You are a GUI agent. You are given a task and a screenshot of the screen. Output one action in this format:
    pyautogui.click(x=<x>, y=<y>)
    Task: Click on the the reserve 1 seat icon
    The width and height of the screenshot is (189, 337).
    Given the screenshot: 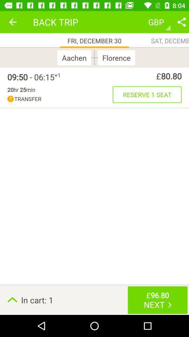 What is the action you would take?
    pyautogui.click(x=147, y=94)
    